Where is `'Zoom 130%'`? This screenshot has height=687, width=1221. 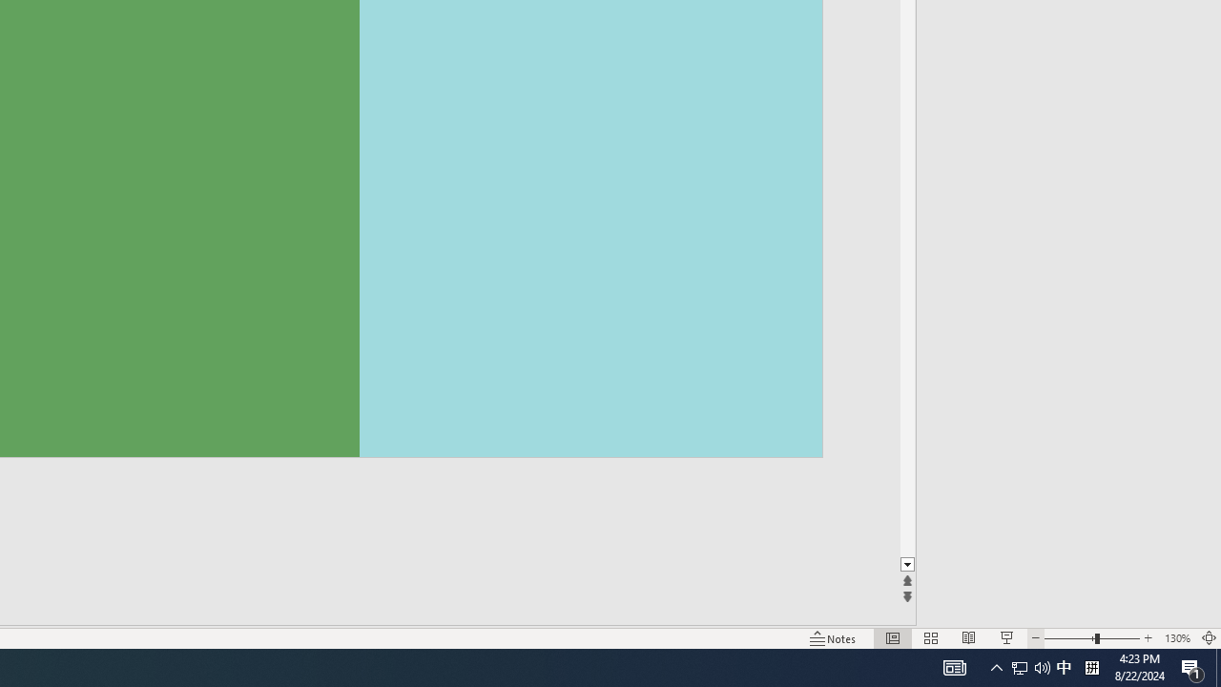
'Zoom 130%' is located at coordinates (1176, 638).